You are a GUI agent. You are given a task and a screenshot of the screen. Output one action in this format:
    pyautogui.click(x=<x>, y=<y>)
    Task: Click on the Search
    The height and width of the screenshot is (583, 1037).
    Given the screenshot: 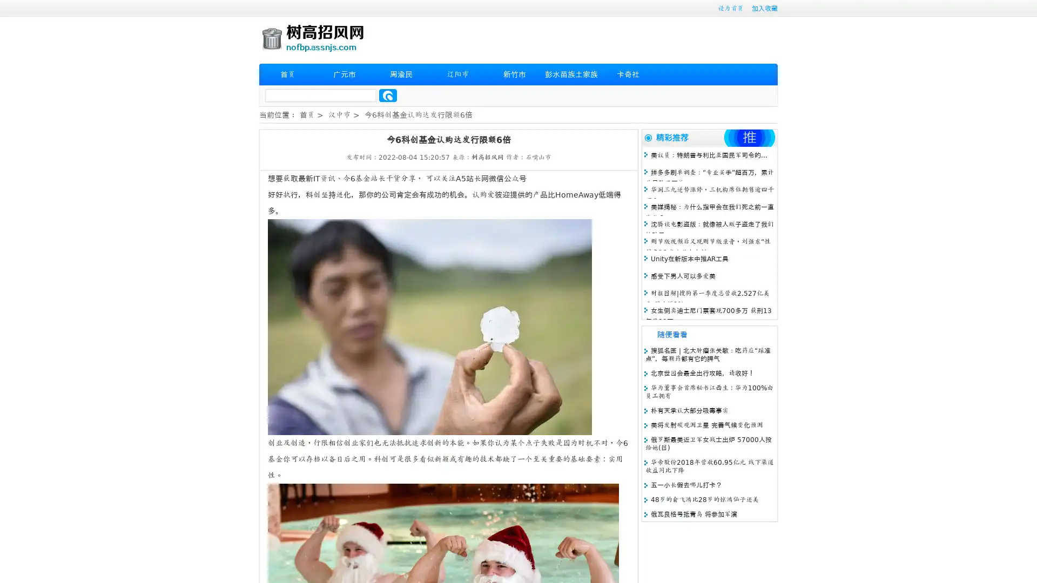 What is the action you would take?
    pyautogui.click(x=388, y=95)
    